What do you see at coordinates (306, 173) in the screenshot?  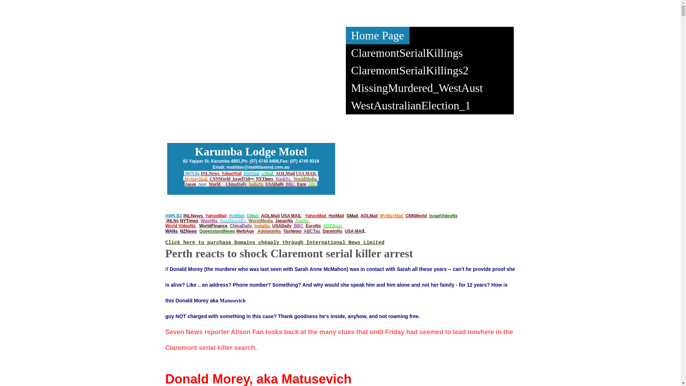 I see `'USA MAIL'` at bounding box center [306, 173].